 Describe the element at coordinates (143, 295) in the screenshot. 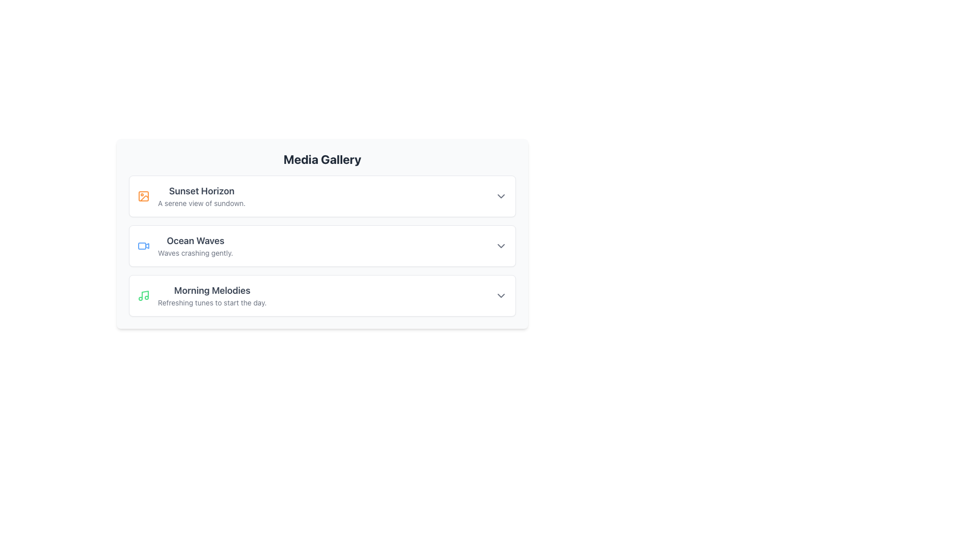

I see `the 'Morning Melodies' audio category icon located to the left of the title text and description` at that location.